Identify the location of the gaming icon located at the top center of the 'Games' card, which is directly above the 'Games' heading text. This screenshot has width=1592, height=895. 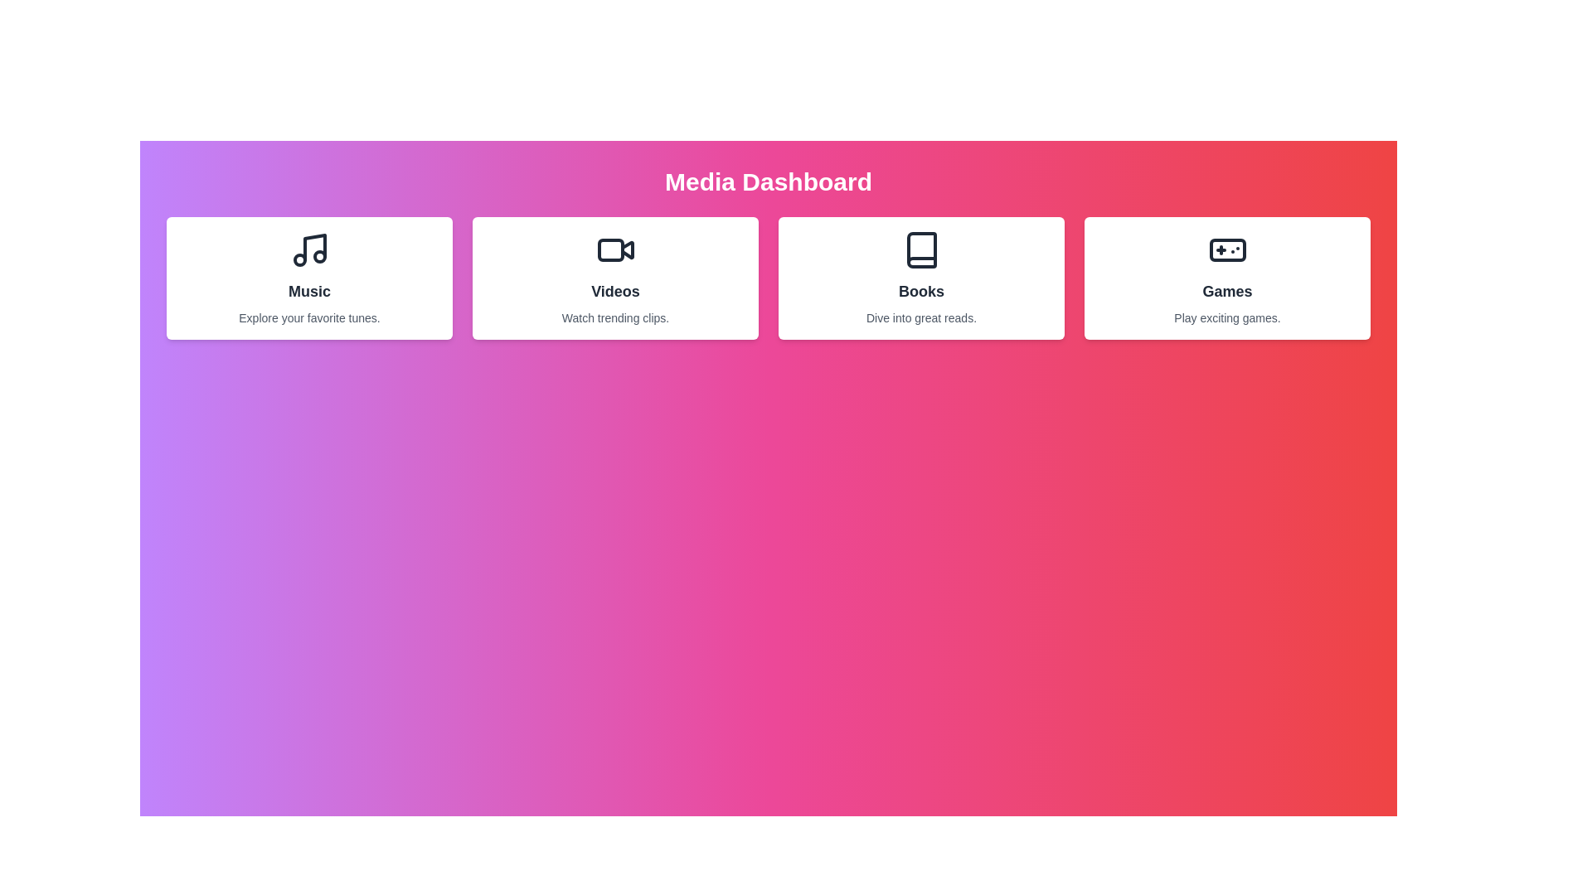
(1227, 249).